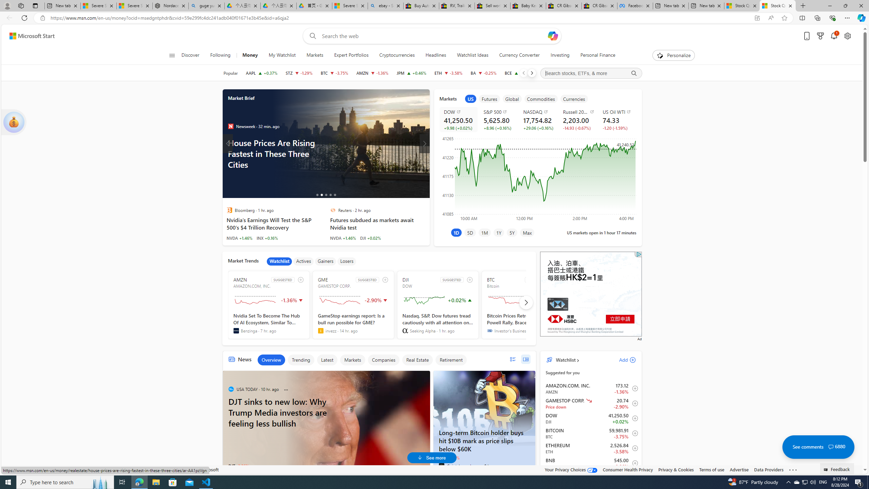  I want to click on 'STZ CONSTELLATION BRANDS, INC. decrease 239.98 -3.13 -1.29%', so click(299, 73).